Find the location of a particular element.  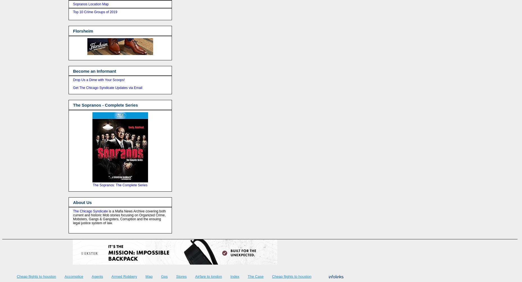

'Stores' is located at coordinates (181, 276).